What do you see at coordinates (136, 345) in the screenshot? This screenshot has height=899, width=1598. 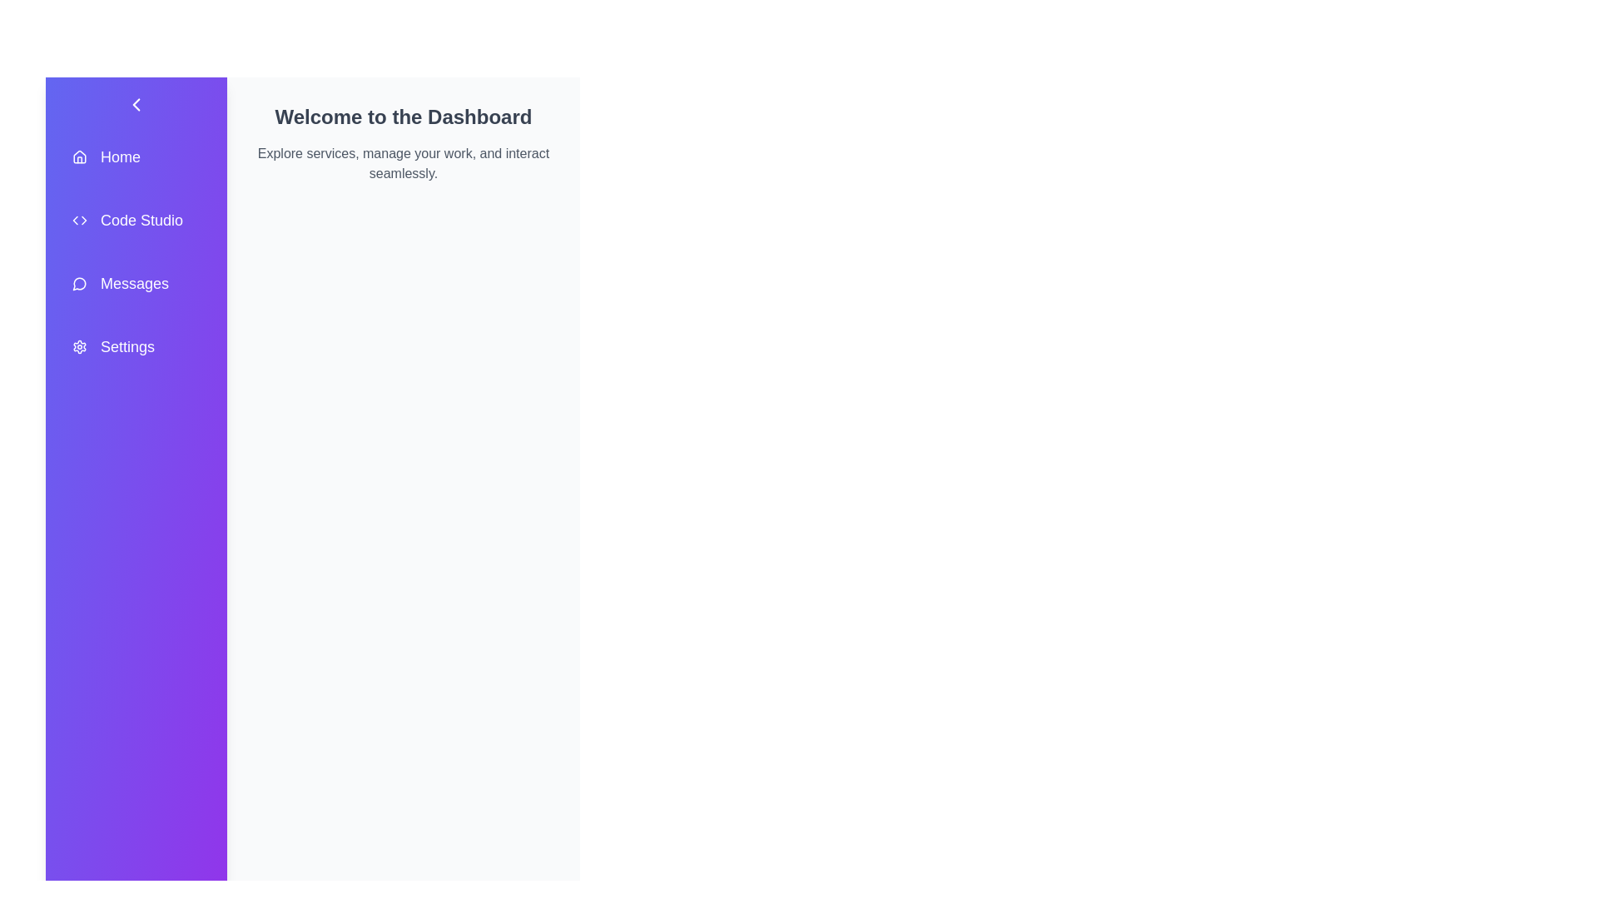 I see `the menu item labeled 'Settings' to observe its hover effect` at bounding box center [136, 345].